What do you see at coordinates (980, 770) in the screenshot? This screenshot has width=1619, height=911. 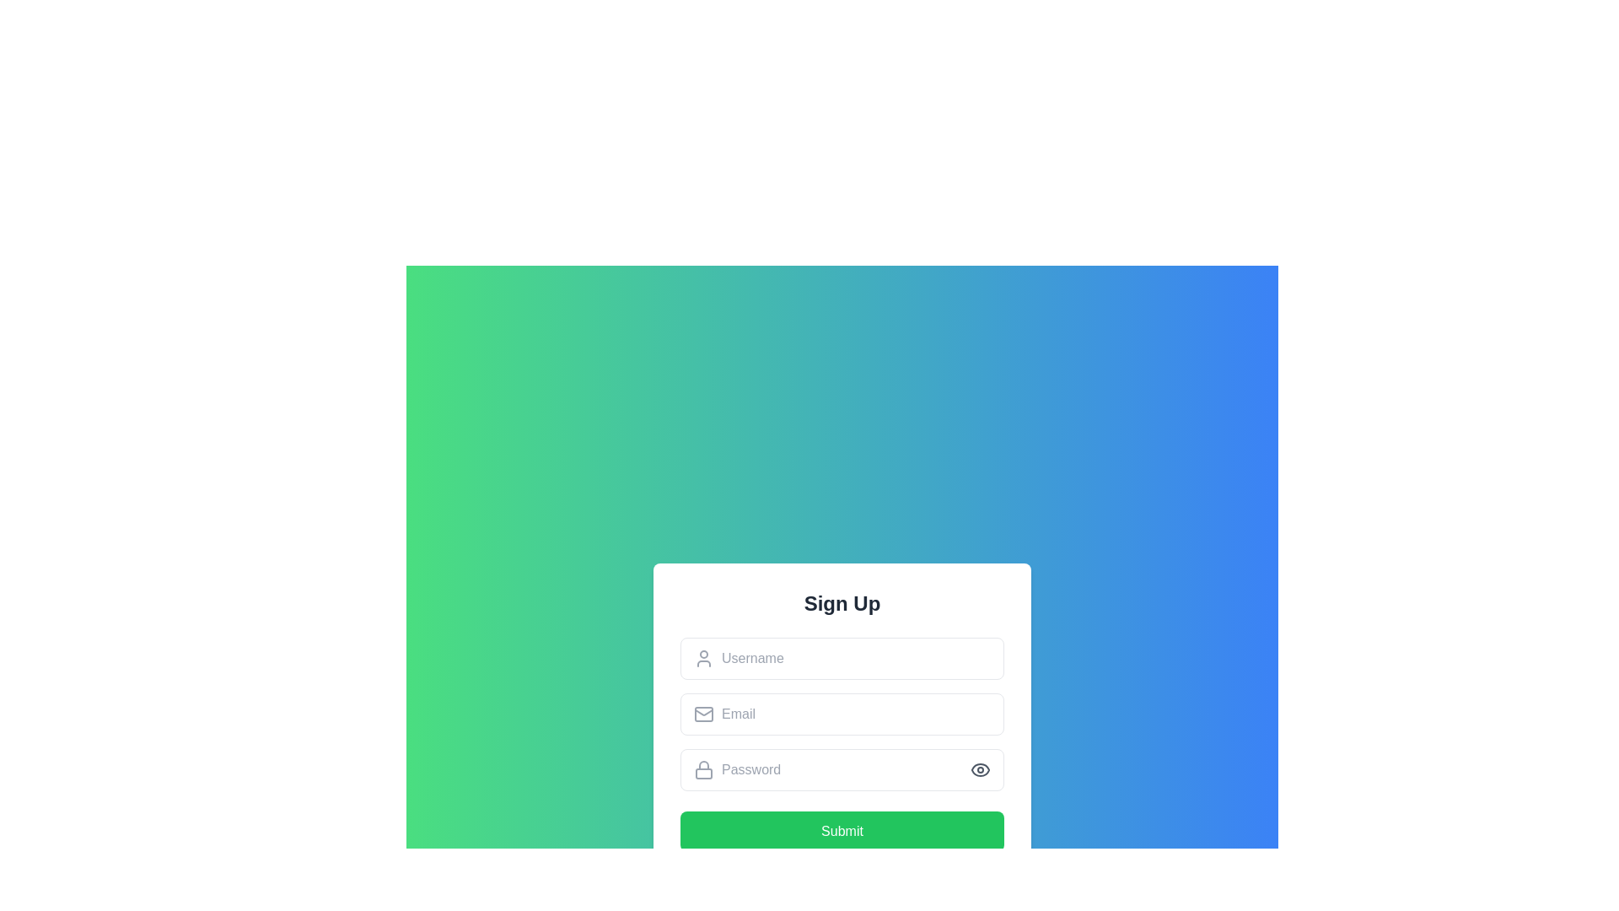 I see `the eye icon button located in the upper-right section of the login form` at bounding box center [980, 770].